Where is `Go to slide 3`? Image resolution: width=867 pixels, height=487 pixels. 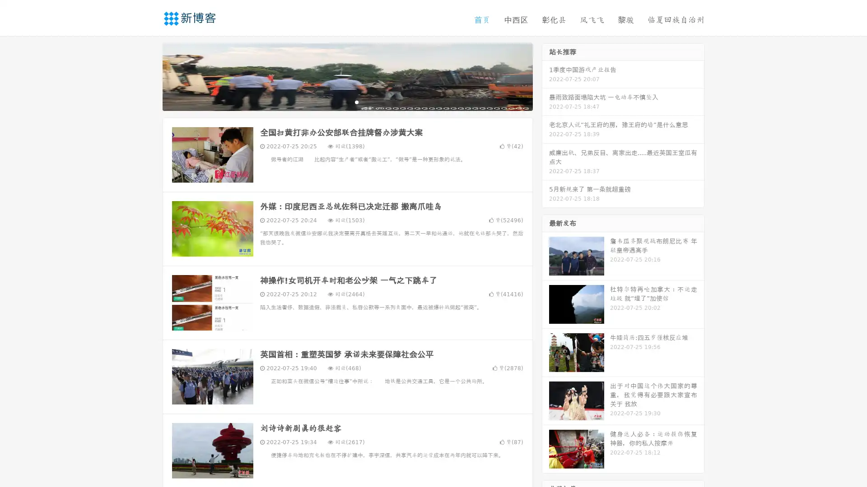
Go to slide 3 is located at coordinates (356, 101).